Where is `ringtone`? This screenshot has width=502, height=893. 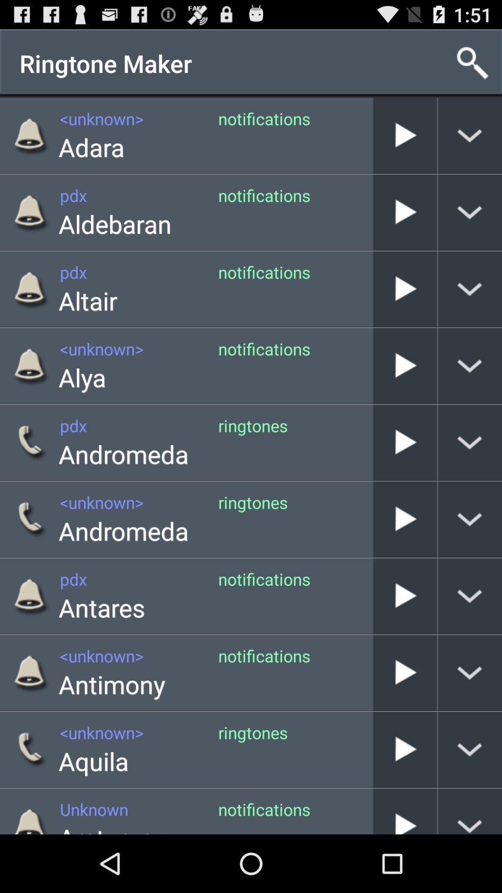 ringtone is located at coordinates (404, 135).